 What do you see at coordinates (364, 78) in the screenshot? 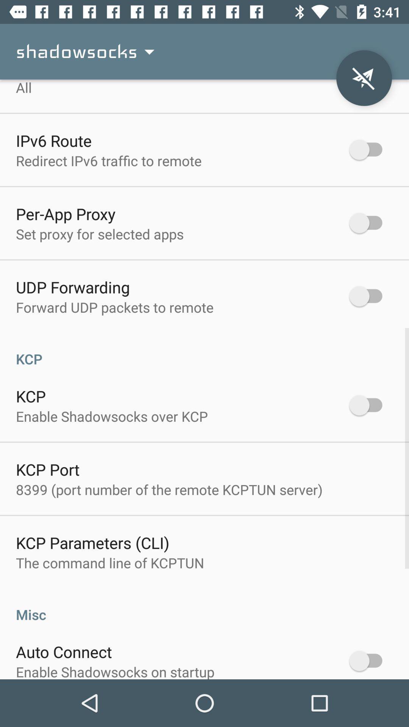
I see `the send icon` at bounding box center [364, 78].